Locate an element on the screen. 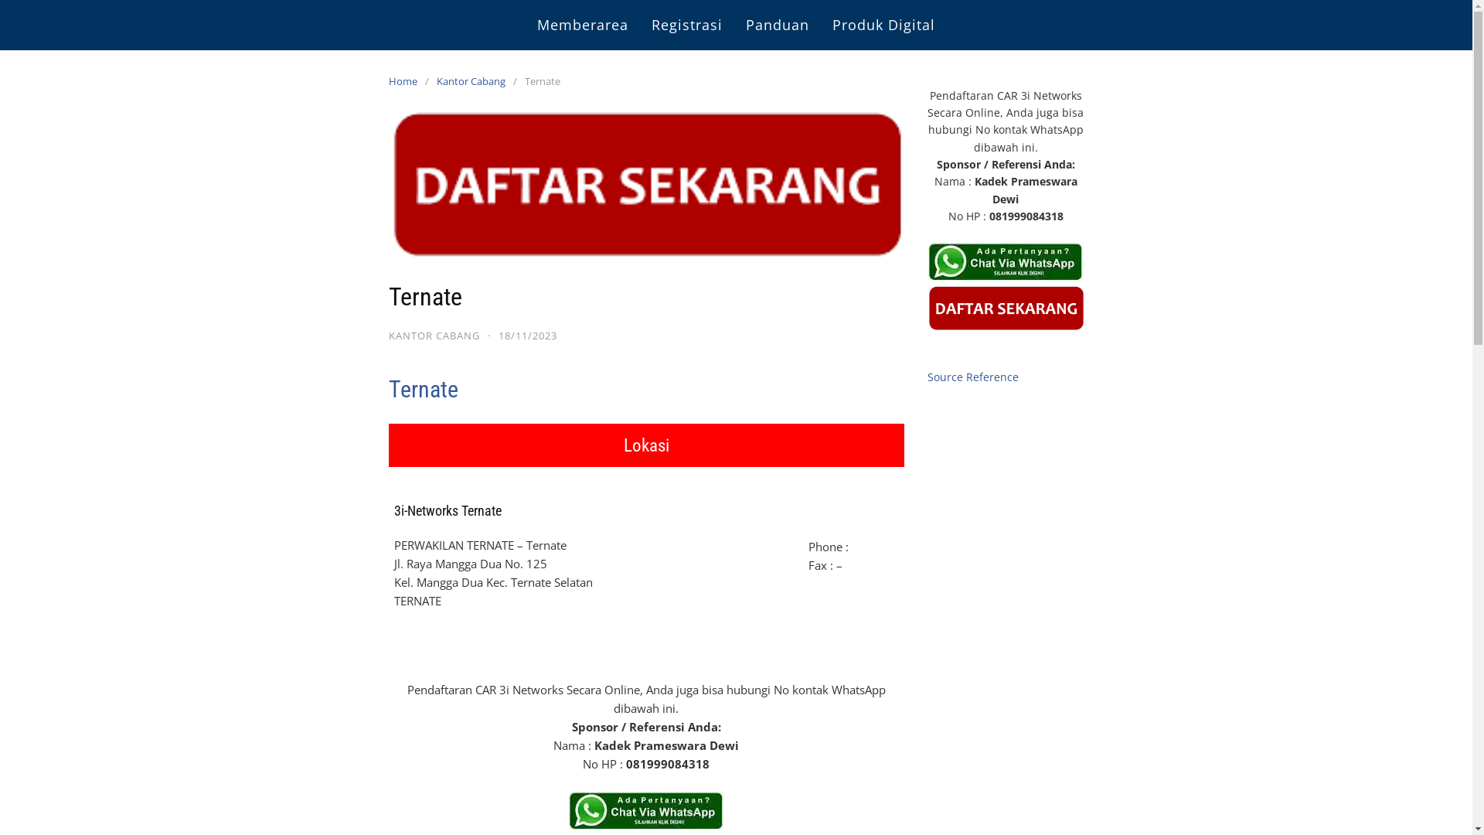  'KANTOR CABANG' is located at coordinates (433, 335).